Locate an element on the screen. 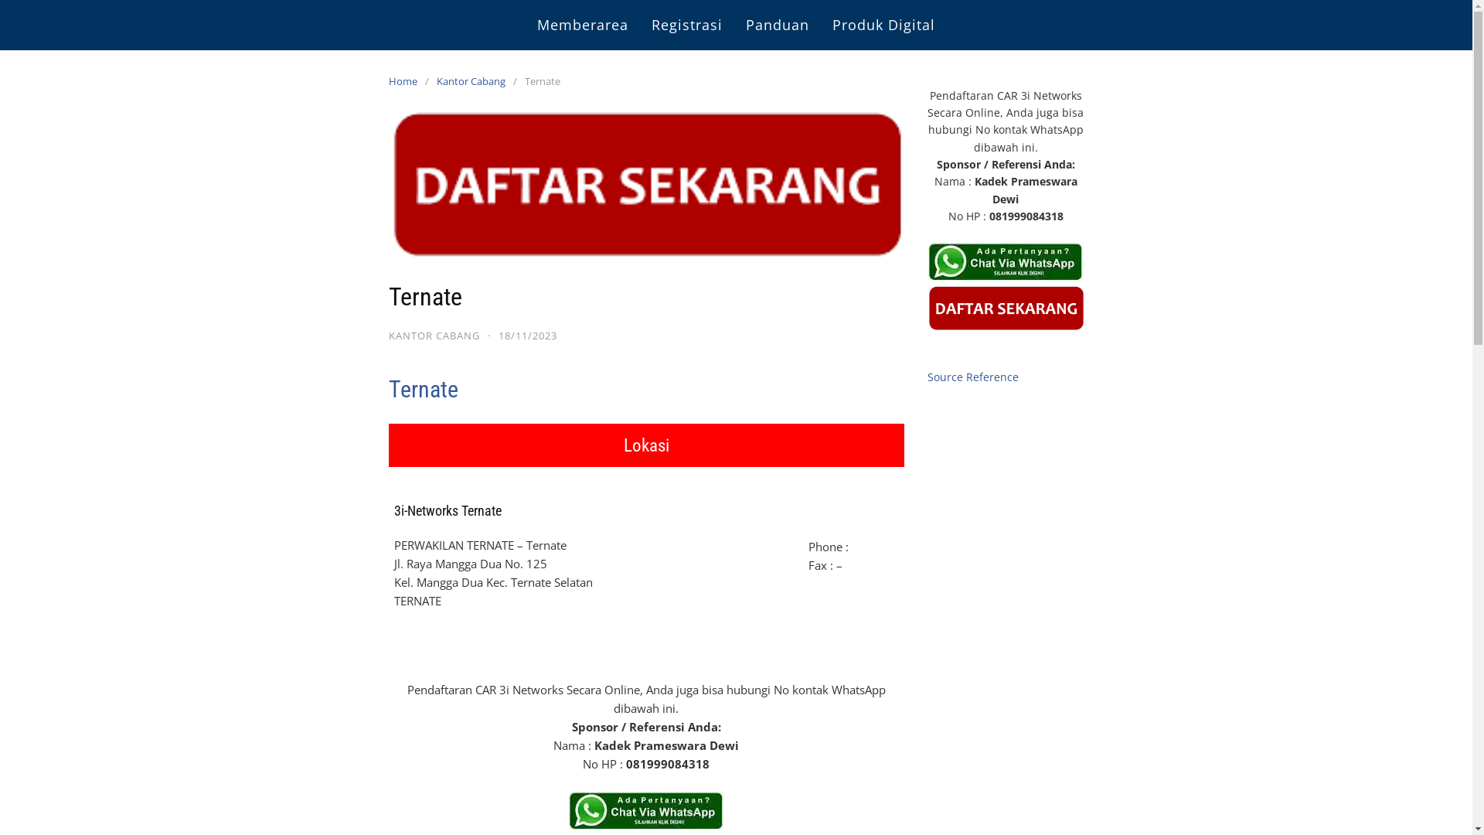  'KANTOR CABANG' is located at coordinates (433, 335).